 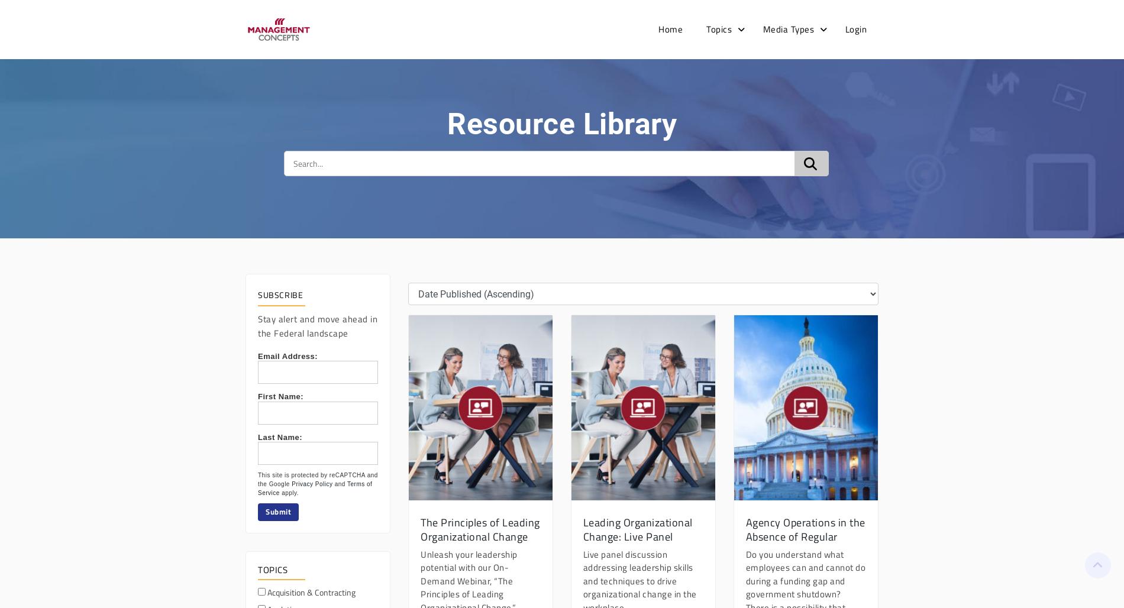 I want to click on 'Media Types', so click(x=761, y=29).